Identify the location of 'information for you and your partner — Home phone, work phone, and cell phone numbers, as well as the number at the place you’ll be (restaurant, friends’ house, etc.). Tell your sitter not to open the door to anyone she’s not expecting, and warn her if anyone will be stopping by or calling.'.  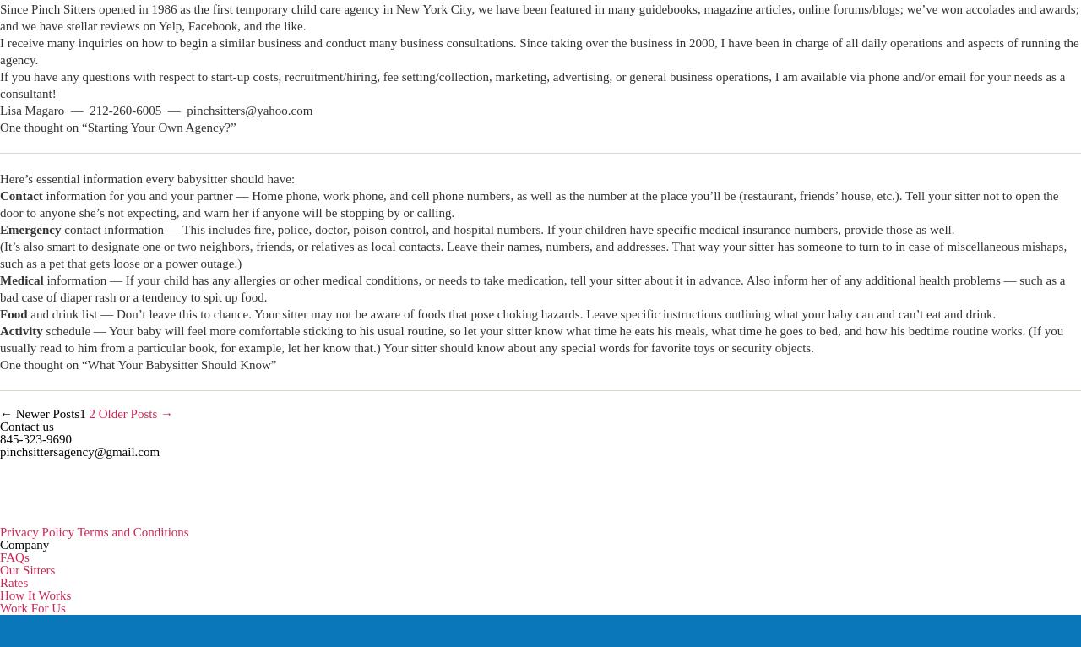
(528, 203).